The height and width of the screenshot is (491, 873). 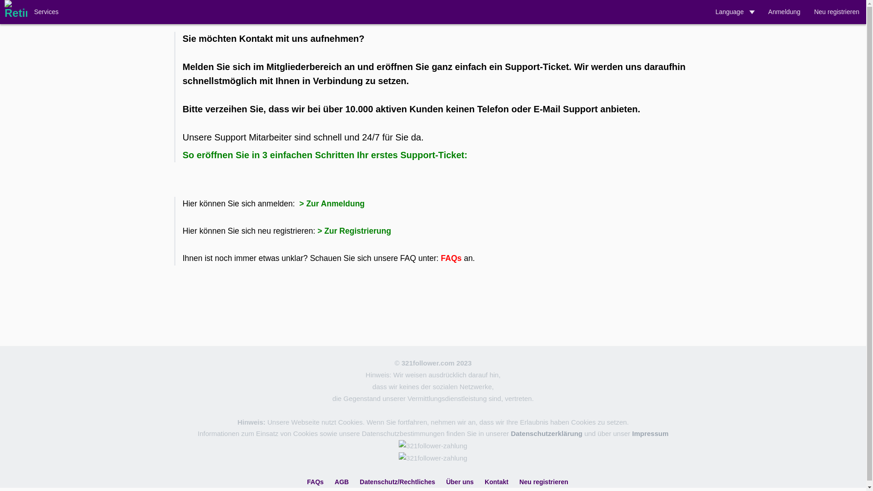 I want to click on '> Zur Anmeldung', so click(x=296, y=203).